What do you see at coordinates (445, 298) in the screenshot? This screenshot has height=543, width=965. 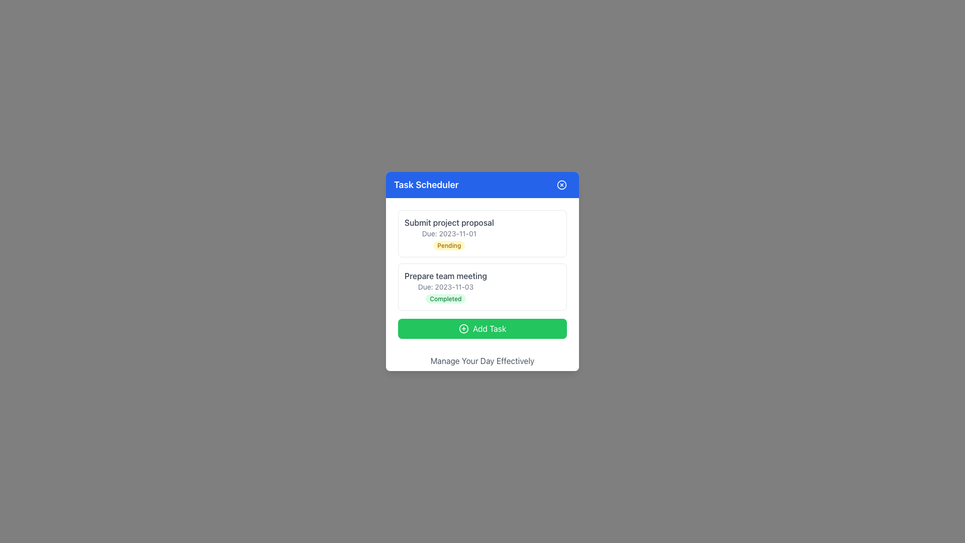 I see `the 'Completed' badge, which is a small pill-shaped element with rounded edges and a light green background, located in the second task item labeled 'Prepare team meeting'` at bounding box center [445, 298].